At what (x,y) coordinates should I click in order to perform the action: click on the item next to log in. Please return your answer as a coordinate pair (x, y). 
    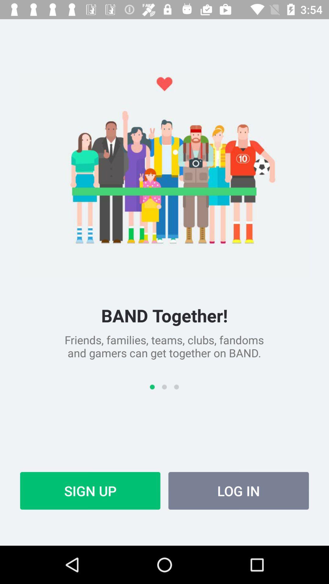
    Looking at the image, I should click on (90, 491).